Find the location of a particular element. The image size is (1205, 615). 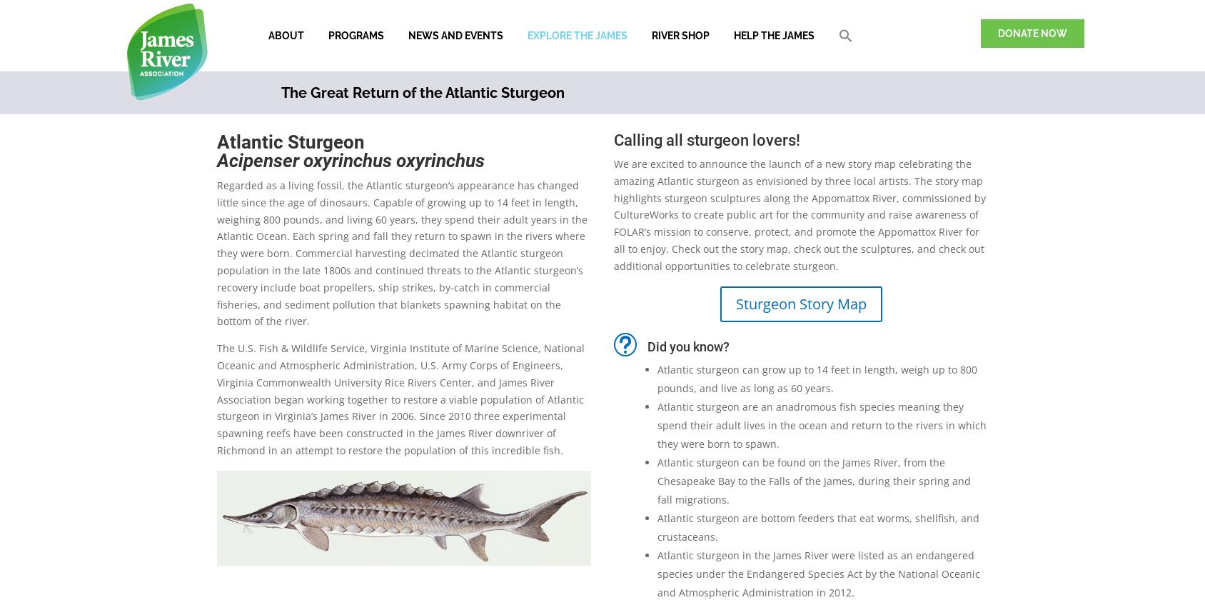

'Acipenser oxyrinchus oxyrinchus' is located at coordinates (350, 159).